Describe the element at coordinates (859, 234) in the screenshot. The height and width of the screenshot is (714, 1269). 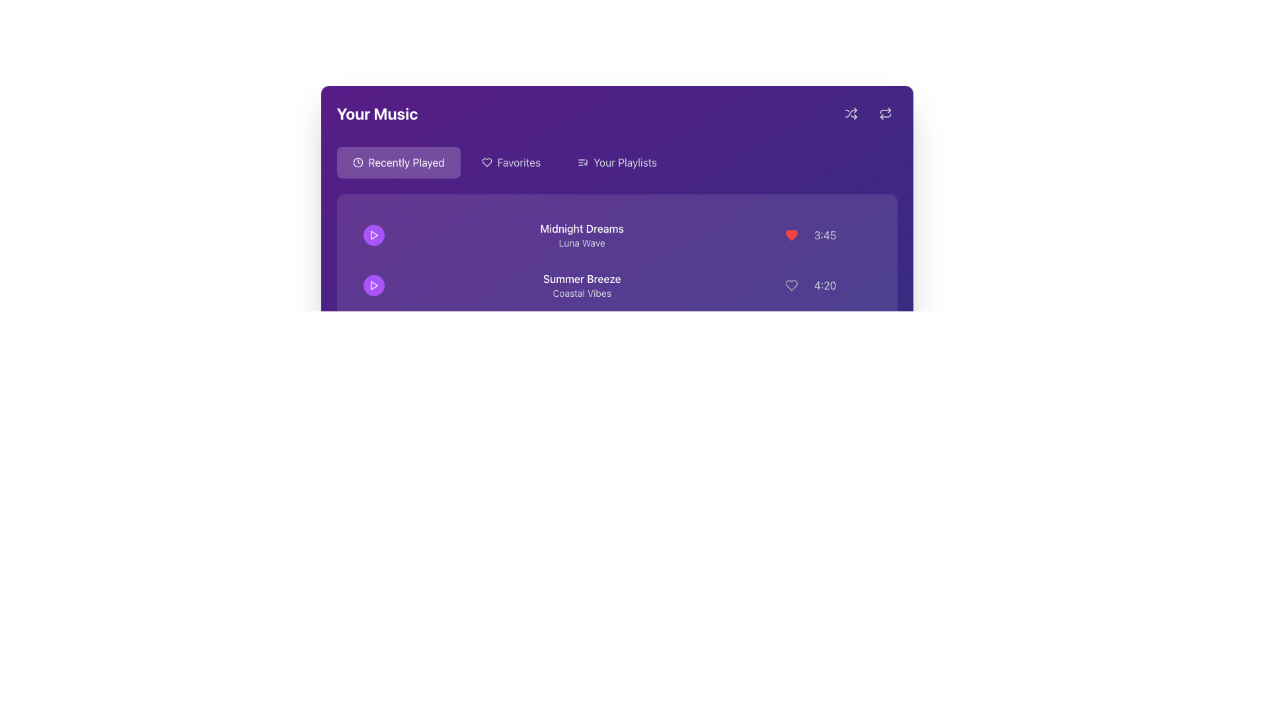
I see `the ellipsis icon button located next to the song duration '3:45'` at that location.